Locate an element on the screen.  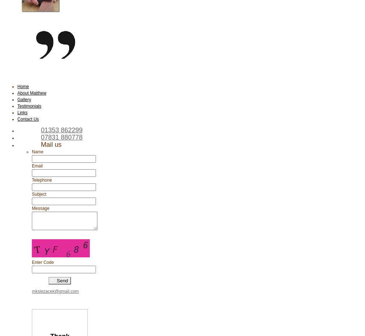
'Contact Us' is located at coordinates (17, 119).